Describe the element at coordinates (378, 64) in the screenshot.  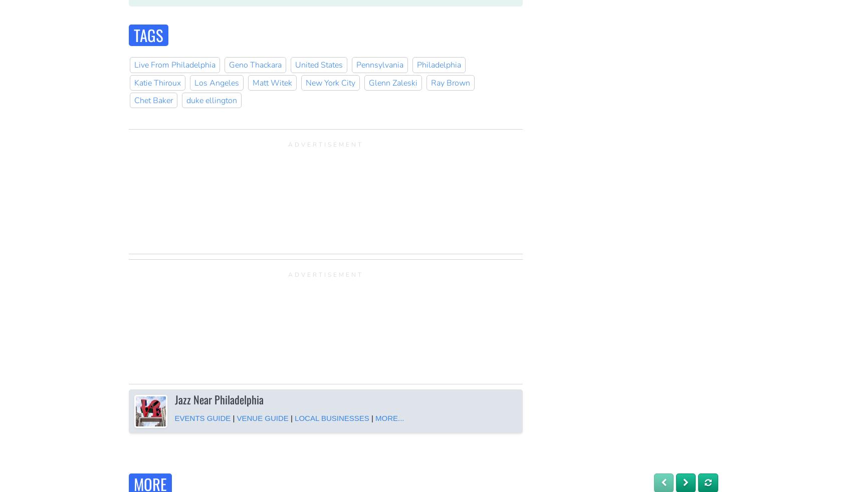
I see `'Pennsylvania'` at that location.